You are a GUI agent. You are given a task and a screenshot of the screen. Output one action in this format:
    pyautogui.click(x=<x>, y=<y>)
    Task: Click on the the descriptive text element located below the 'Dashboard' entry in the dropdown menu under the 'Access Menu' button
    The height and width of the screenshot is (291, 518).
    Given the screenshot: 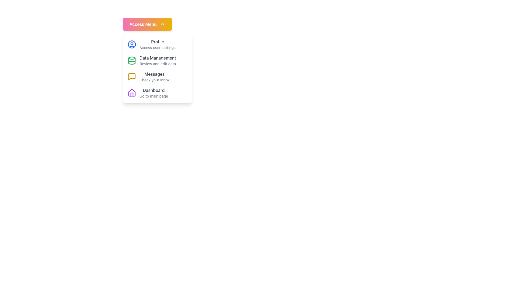 What is the action you would take?
    pyautogui.click(x=153, y=96)
    